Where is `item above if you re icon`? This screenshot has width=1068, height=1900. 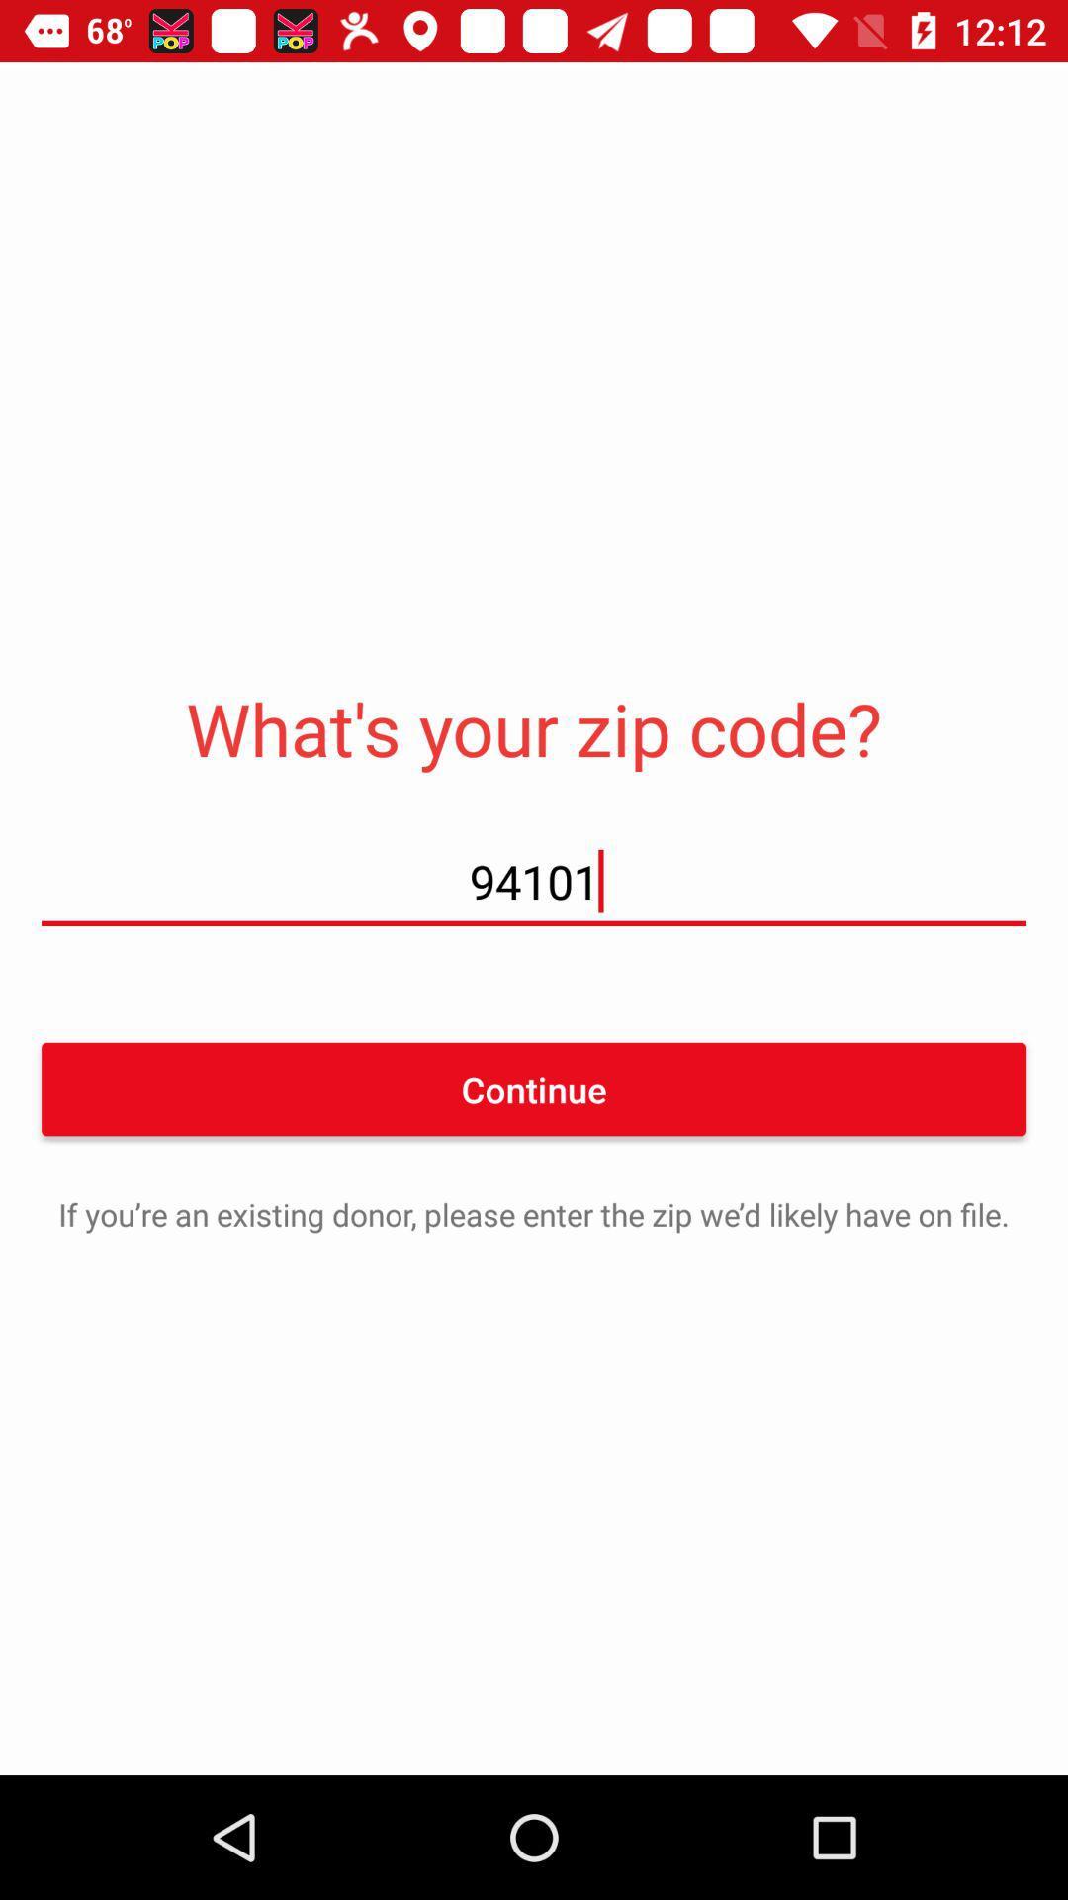
item above if you re icon is located at coordinates (534, 1088).